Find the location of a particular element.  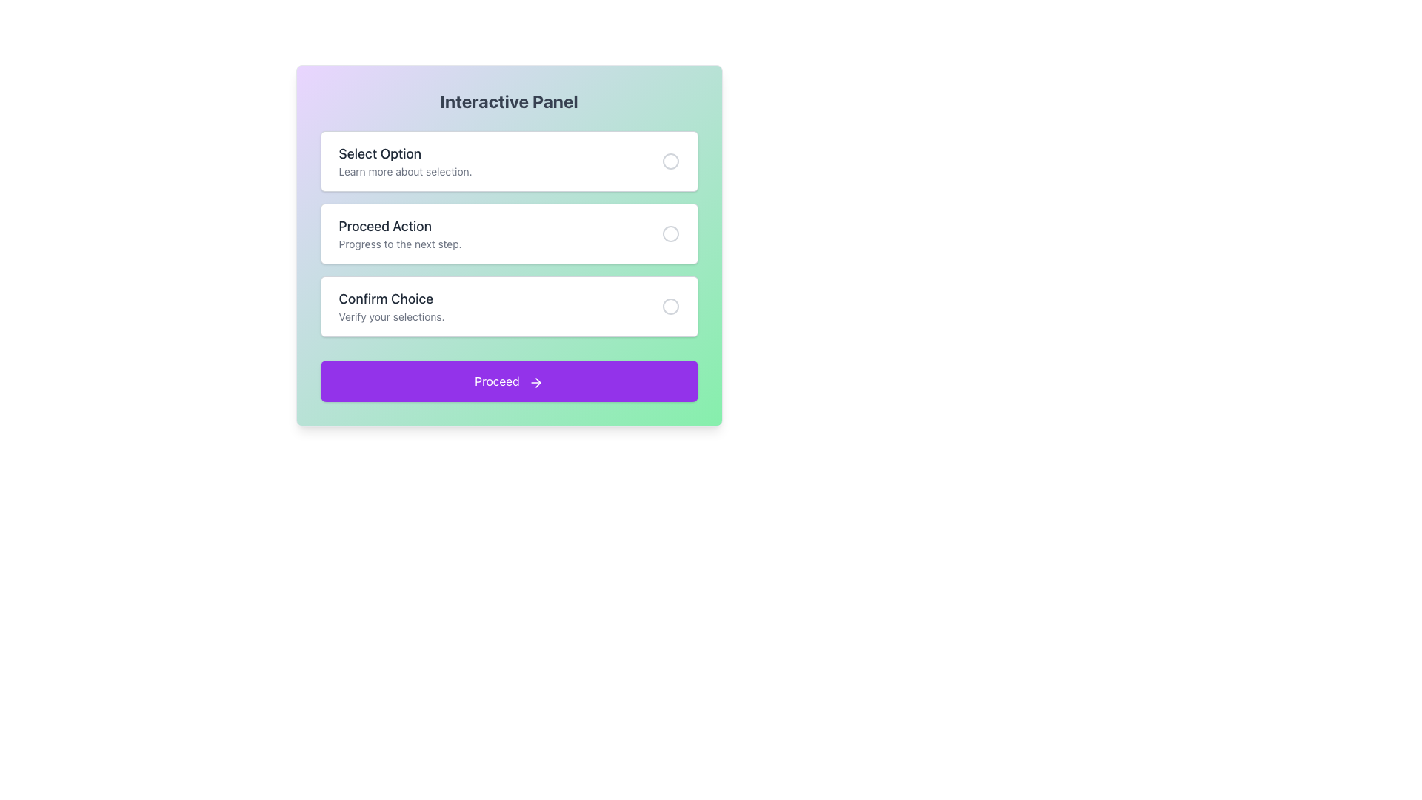

the circular selectable indicator (radio button or checkbox) located at the far-right side of the 'Select Option' section is located at coordinates (670, 161).